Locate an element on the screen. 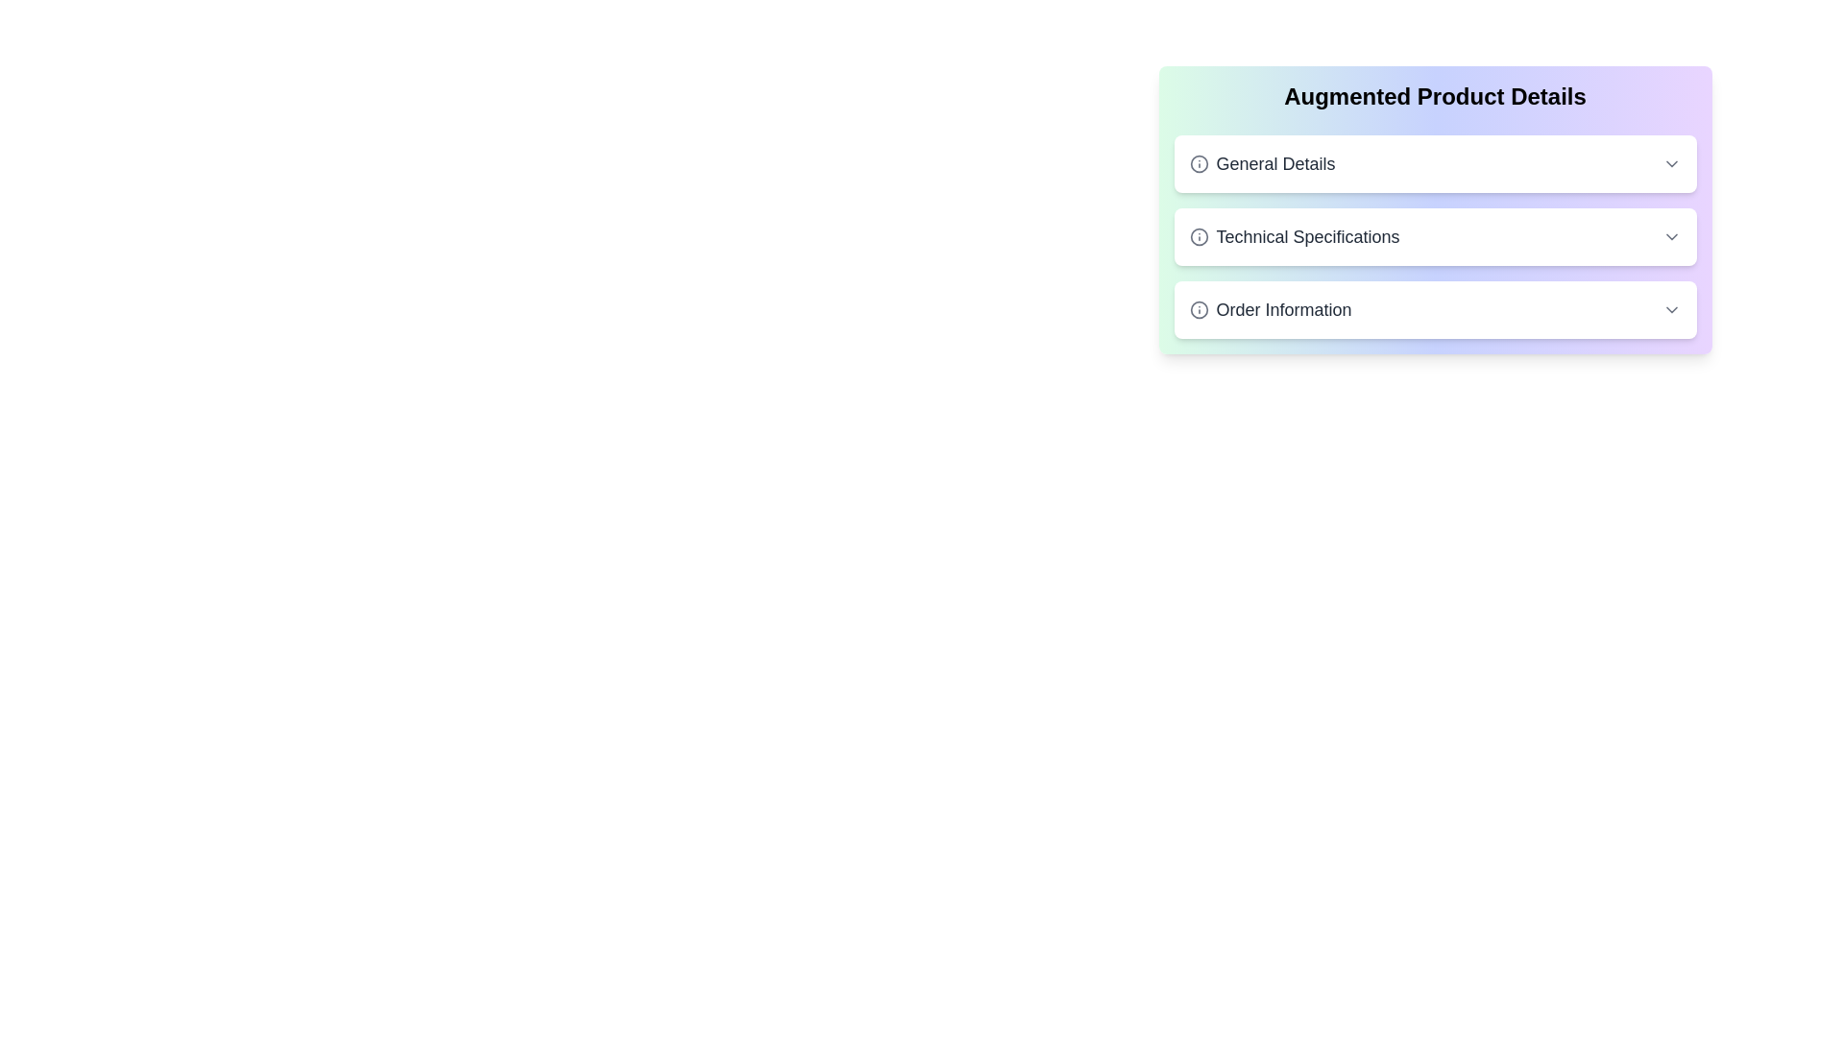 The image size is (1844, 1037). the decorative or informative icon representing the 'Order Information' section, located to the left of the text label 'Order Information' is located at coordinates (1198, 309).